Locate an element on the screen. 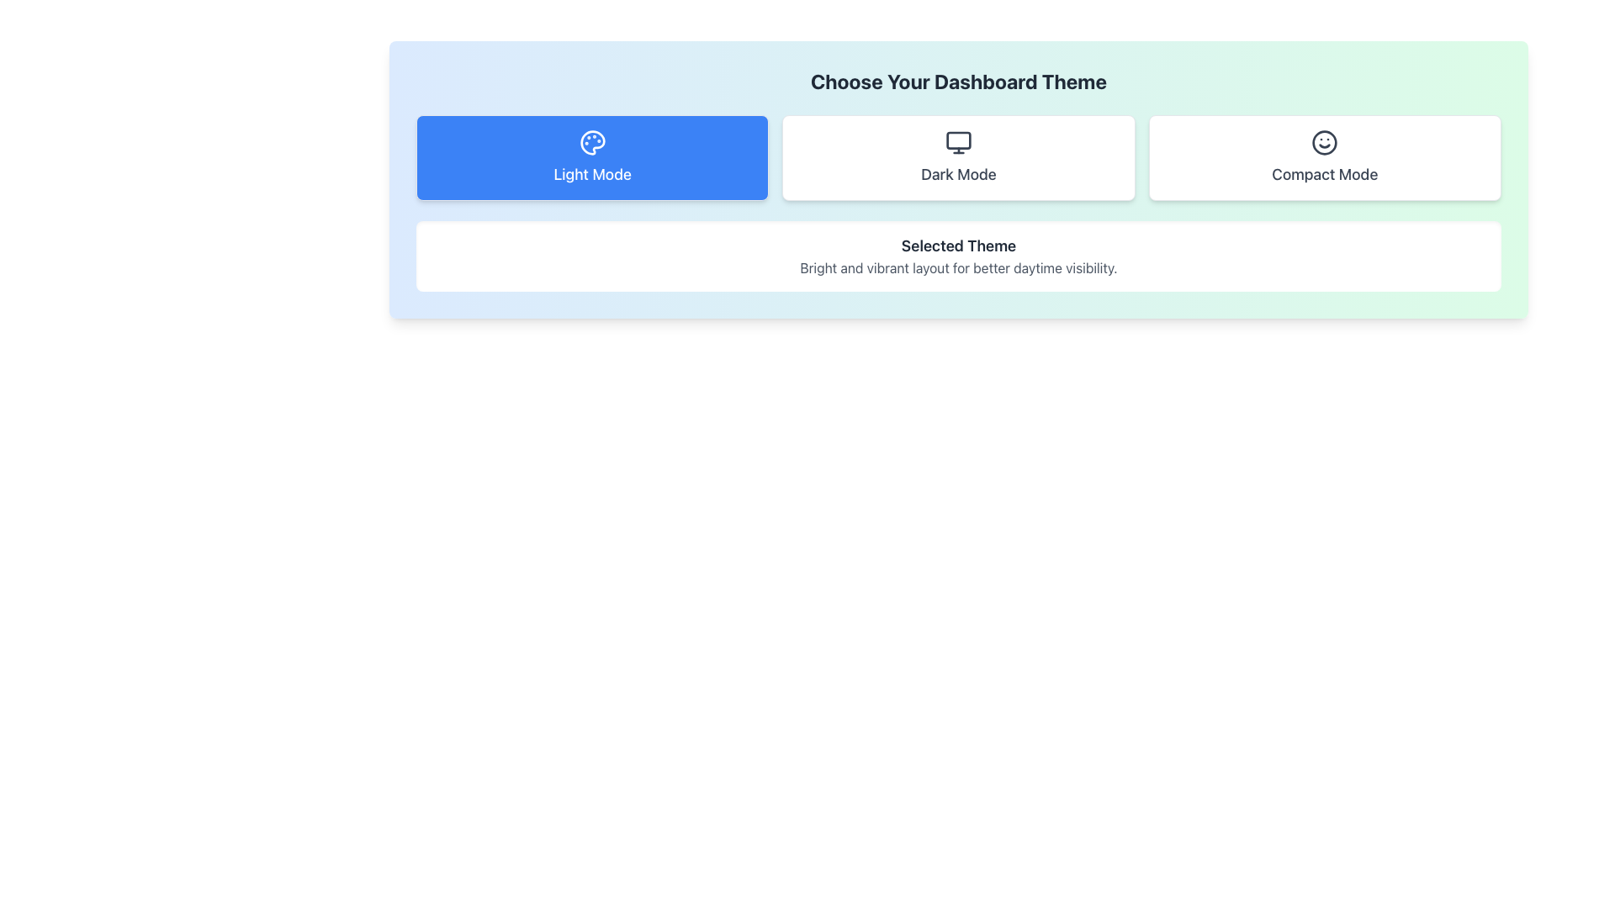 This screenshot has height=908, width=1615. the SVG circle element that serves as the outer boundary for the smiley face in the upper right section of the 'Compact Mode' selection option is located at coordinates (1324, 141).